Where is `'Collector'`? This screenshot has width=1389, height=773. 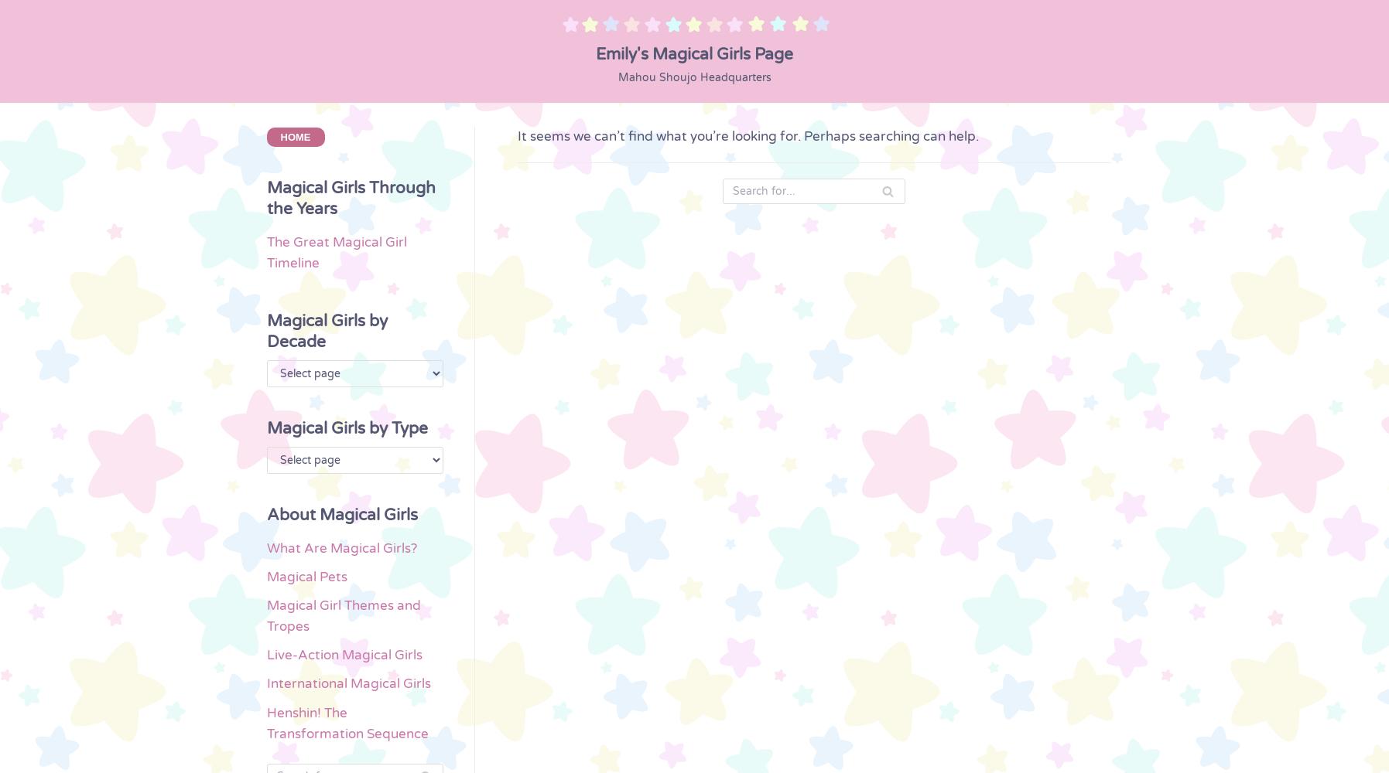
'Collector' is located at coordinates (53, 467).